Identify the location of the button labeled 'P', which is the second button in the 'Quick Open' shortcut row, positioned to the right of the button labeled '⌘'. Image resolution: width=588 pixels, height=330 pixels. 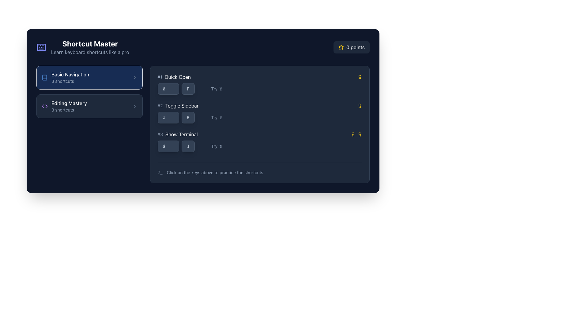
(188, 89).